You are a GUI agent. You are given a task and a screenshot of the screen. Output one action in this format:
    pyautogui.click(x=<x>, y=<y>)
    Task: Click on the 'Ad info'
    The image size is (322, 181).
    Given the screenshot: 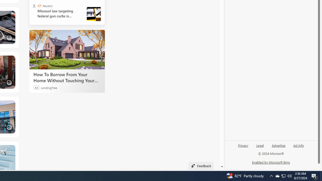 What is the action you would take?
    pyautogui.click(x=299, y=145)
    